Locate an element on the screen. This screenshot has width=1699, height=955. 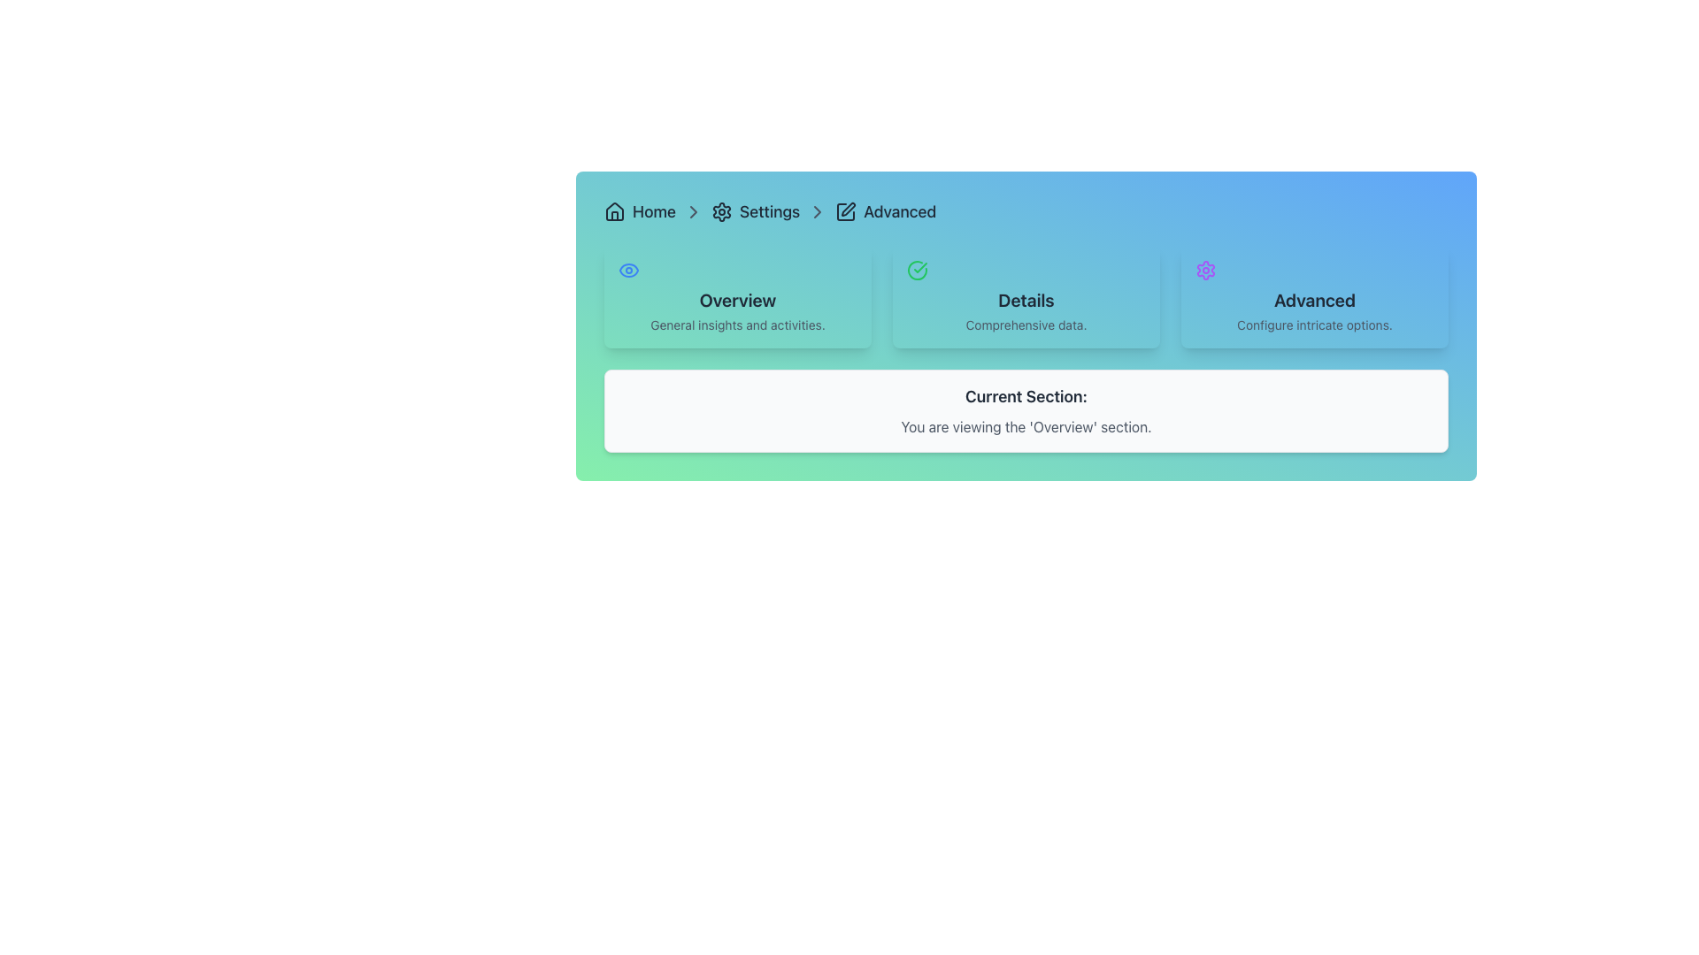
the 'Home' breadcrumb link, which is the first element in the breadcrumb navigation bar and features a house-shaped icon followed by the text 'Home' is located at coordinates (639, 210).